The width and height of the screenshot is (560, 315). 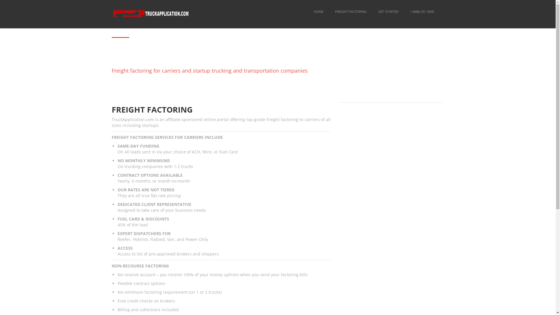 I want to click on 'GET STARTED', so click(x=423, y=12).